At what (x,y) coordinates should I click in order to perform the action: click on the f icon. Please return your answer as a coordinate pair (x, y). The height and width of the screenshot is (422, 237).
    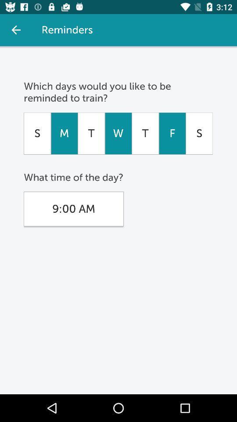
    Looking at the image, I should click on (172, 133).